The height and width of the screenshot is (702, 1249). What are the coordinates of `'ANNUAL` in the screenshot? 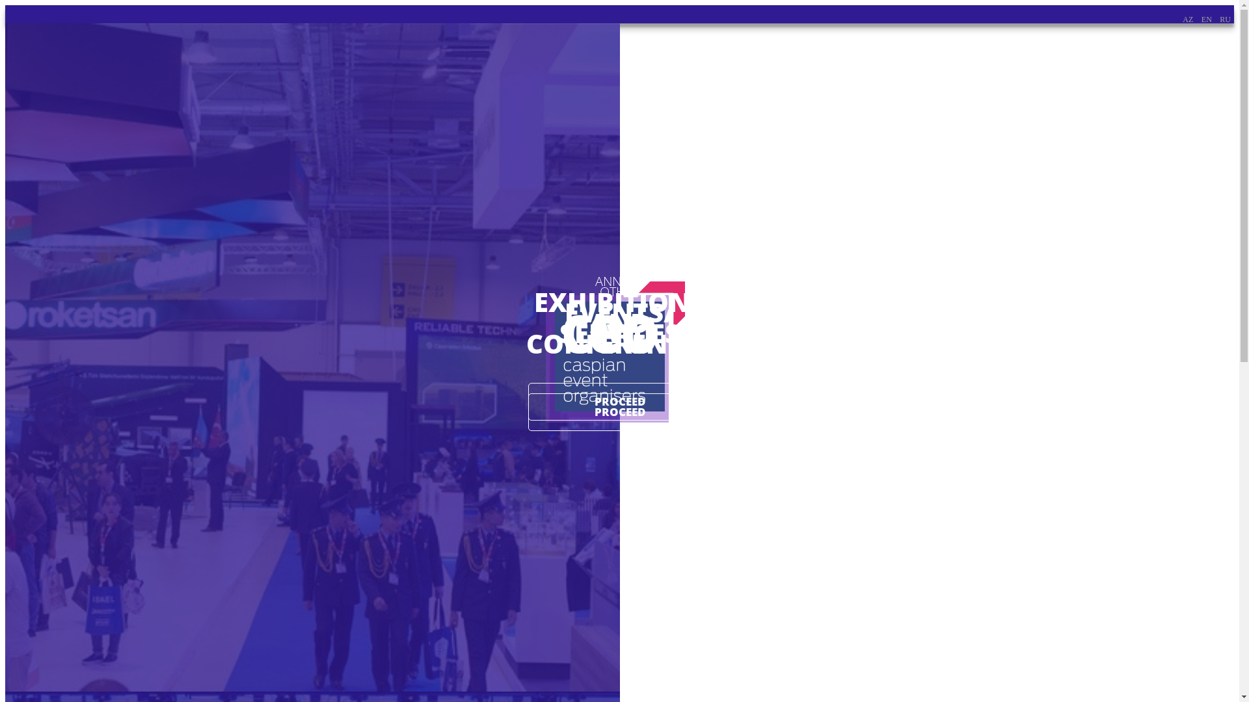 It's located at (5, 357).